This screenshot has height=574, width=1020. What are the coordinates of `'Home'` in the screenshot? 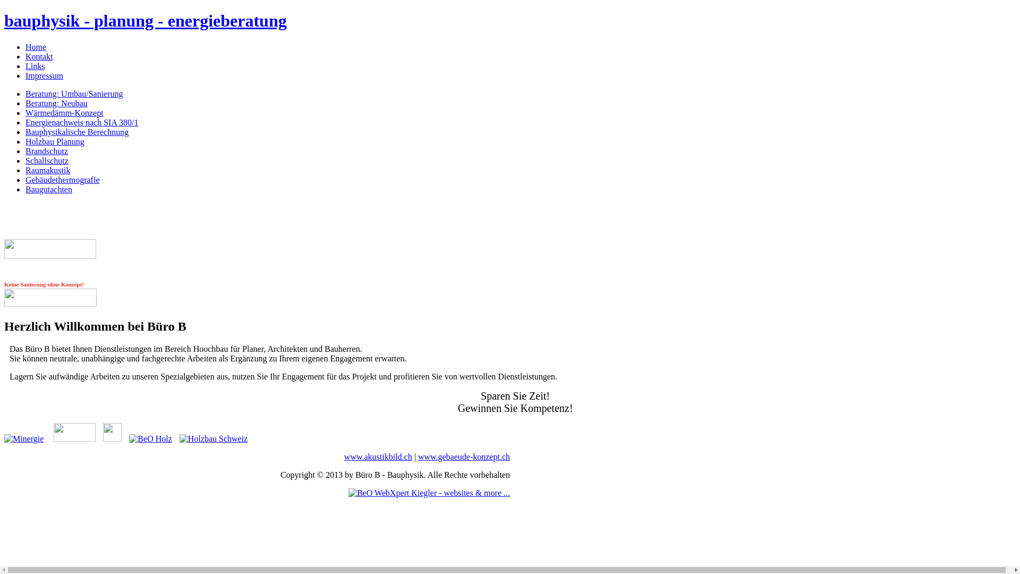 It's located at (25, 46).